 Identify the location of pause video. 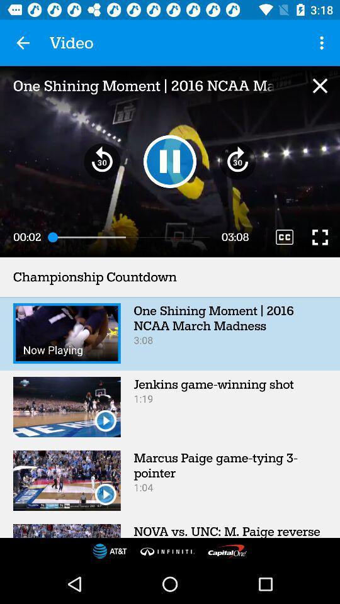
(170, 160).